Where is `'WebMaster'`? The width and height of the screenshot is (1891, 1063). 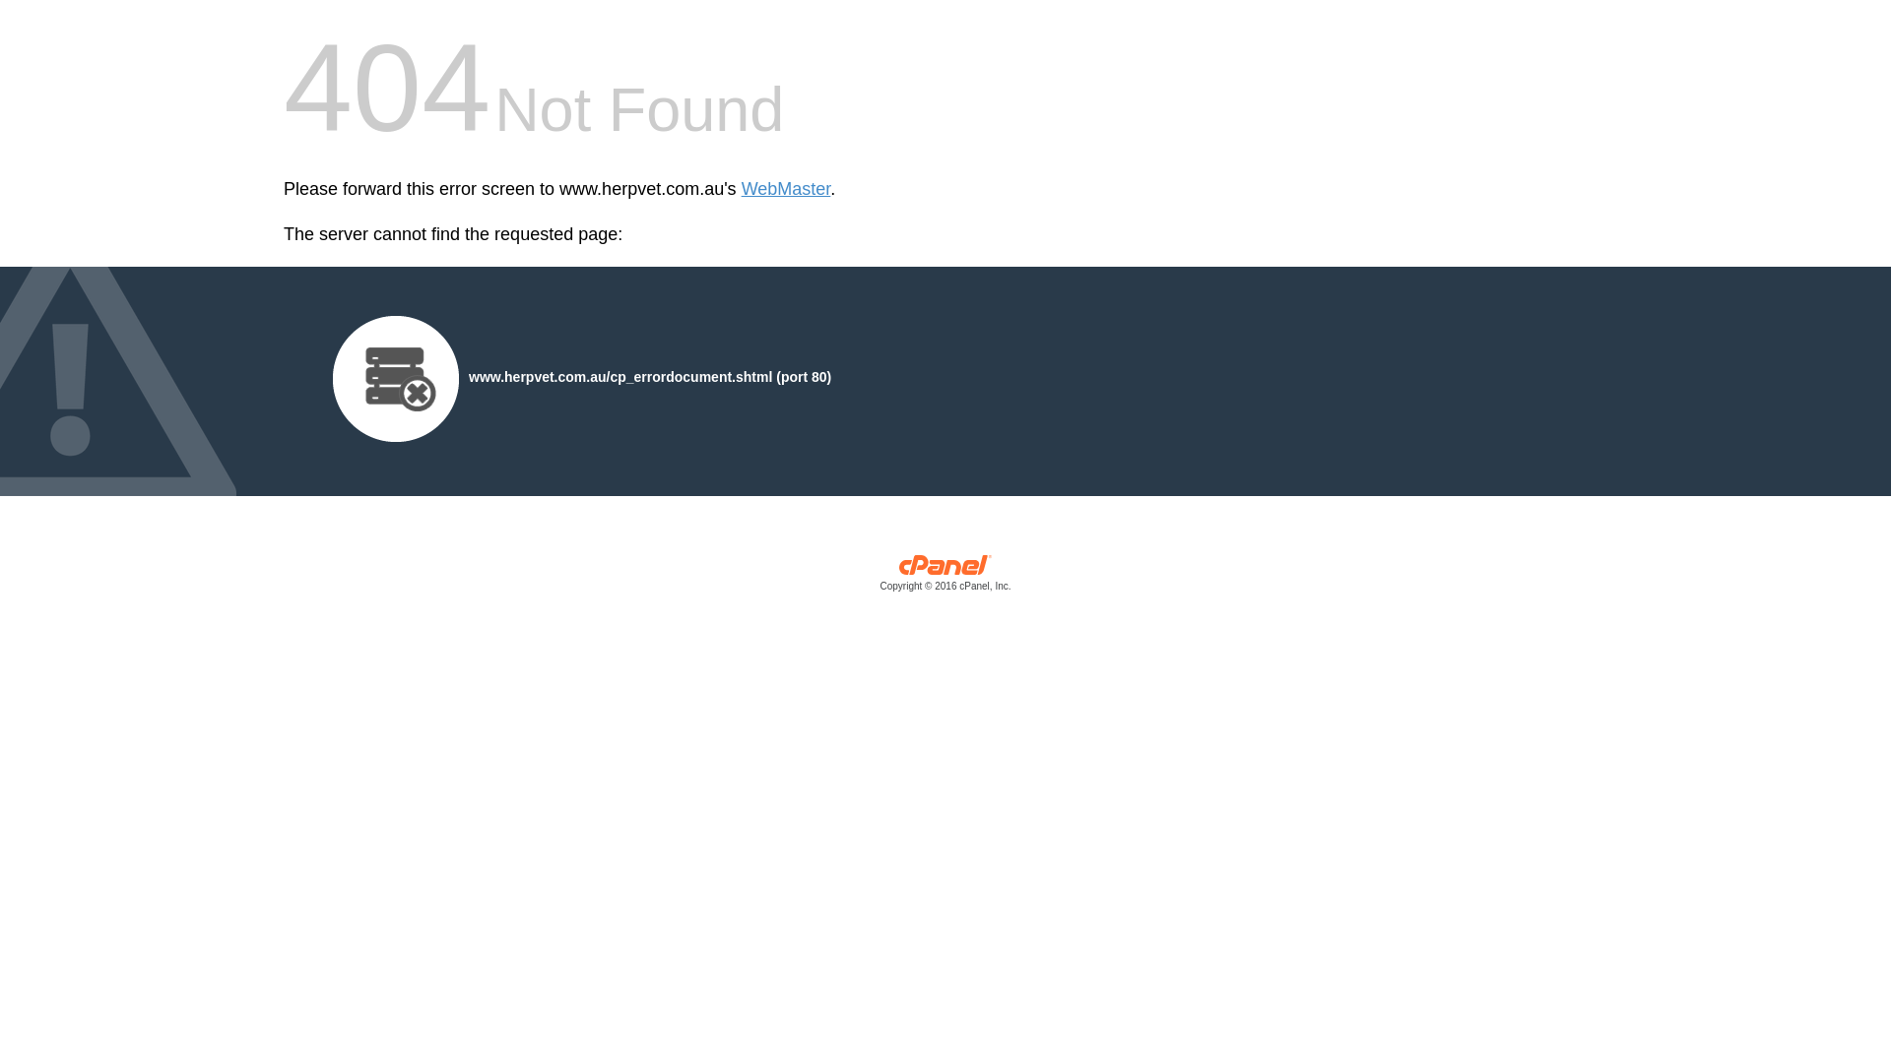
'WebMaster' is located at coordinates (785, 189).